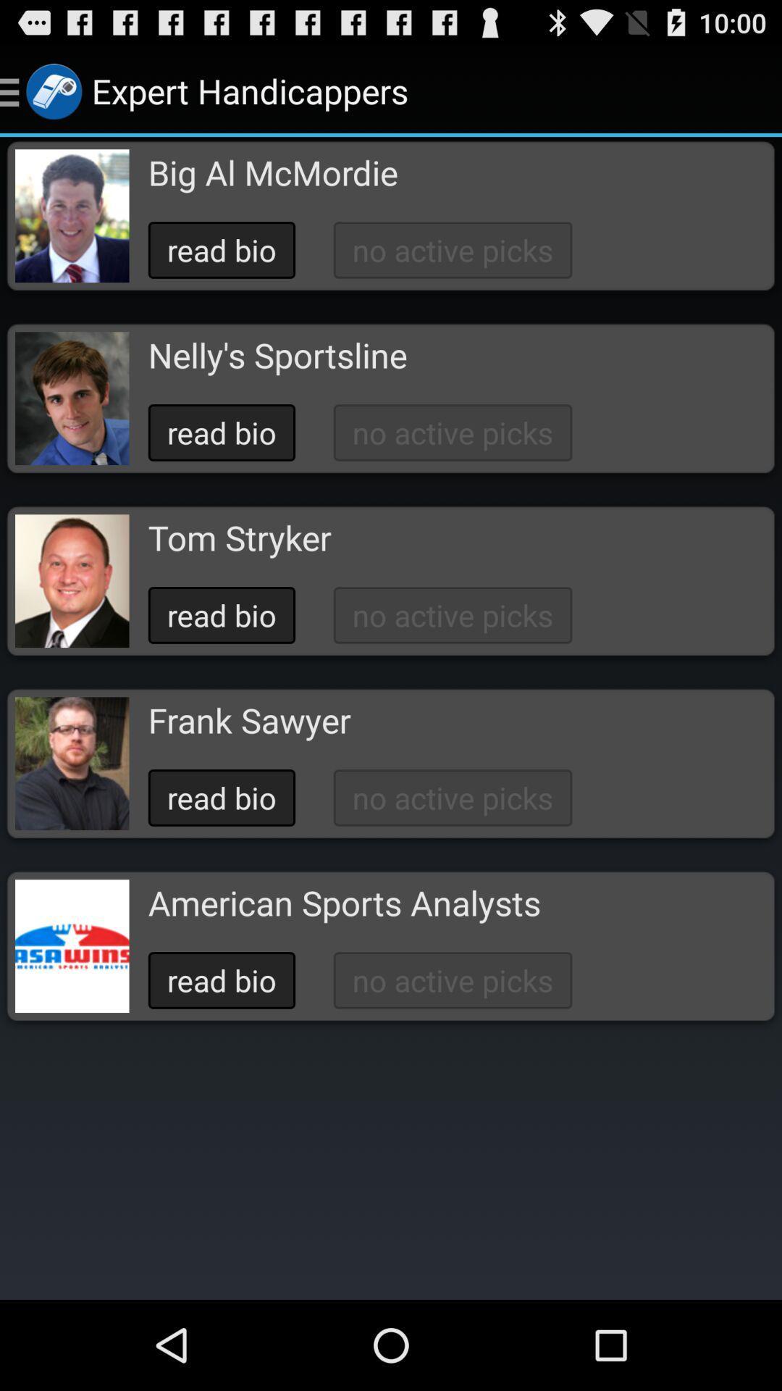  Describe the element at coordinates (248, 720) in the screenshot. I see `frank sawyer app` at that location.